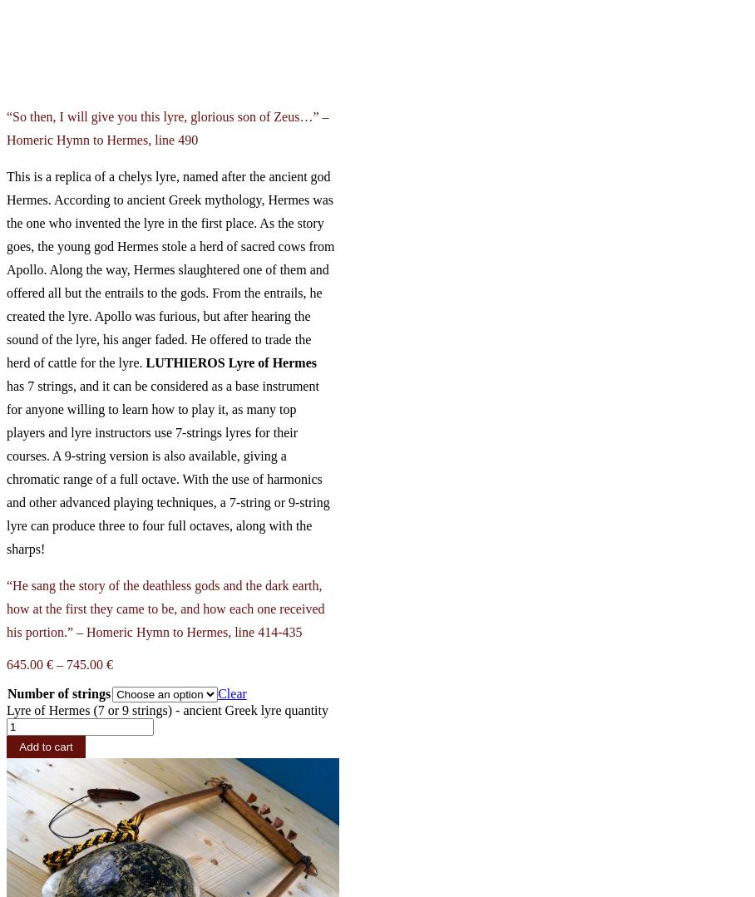 This screenshot has height=897, width=755. Describe the element at coordinates (59, 693) in the screenshot. I see `'Number of strings'` at that location.